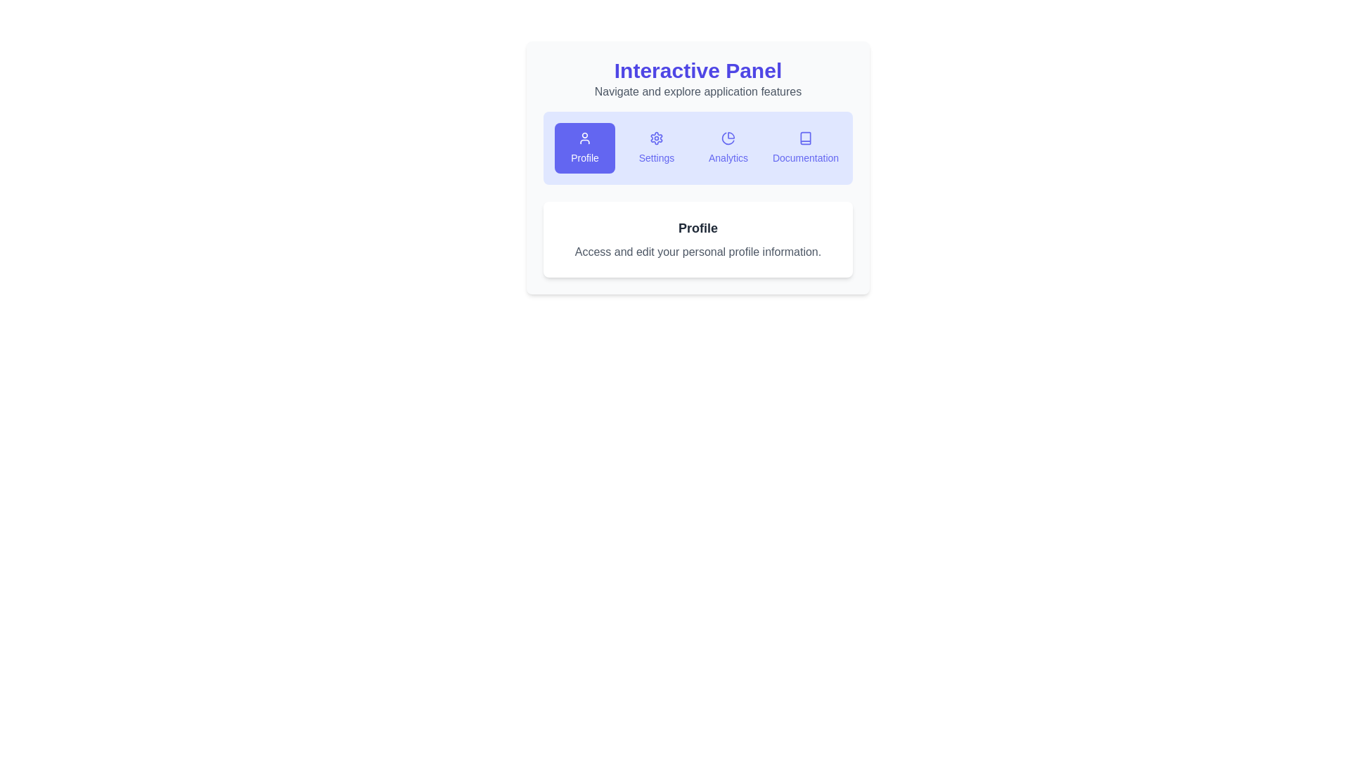  Describe the element at coordinates (728, 157) in the screenshot. I see `the 'Analytics' menu option label located below the pie chart icon, which is the third menu option from the left in the panel` at that location.